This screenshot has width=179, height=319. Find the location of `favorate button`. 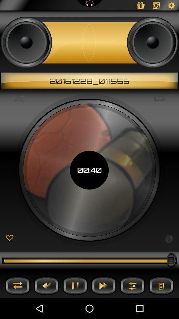

favorate button is located at coordinates (9, 238).